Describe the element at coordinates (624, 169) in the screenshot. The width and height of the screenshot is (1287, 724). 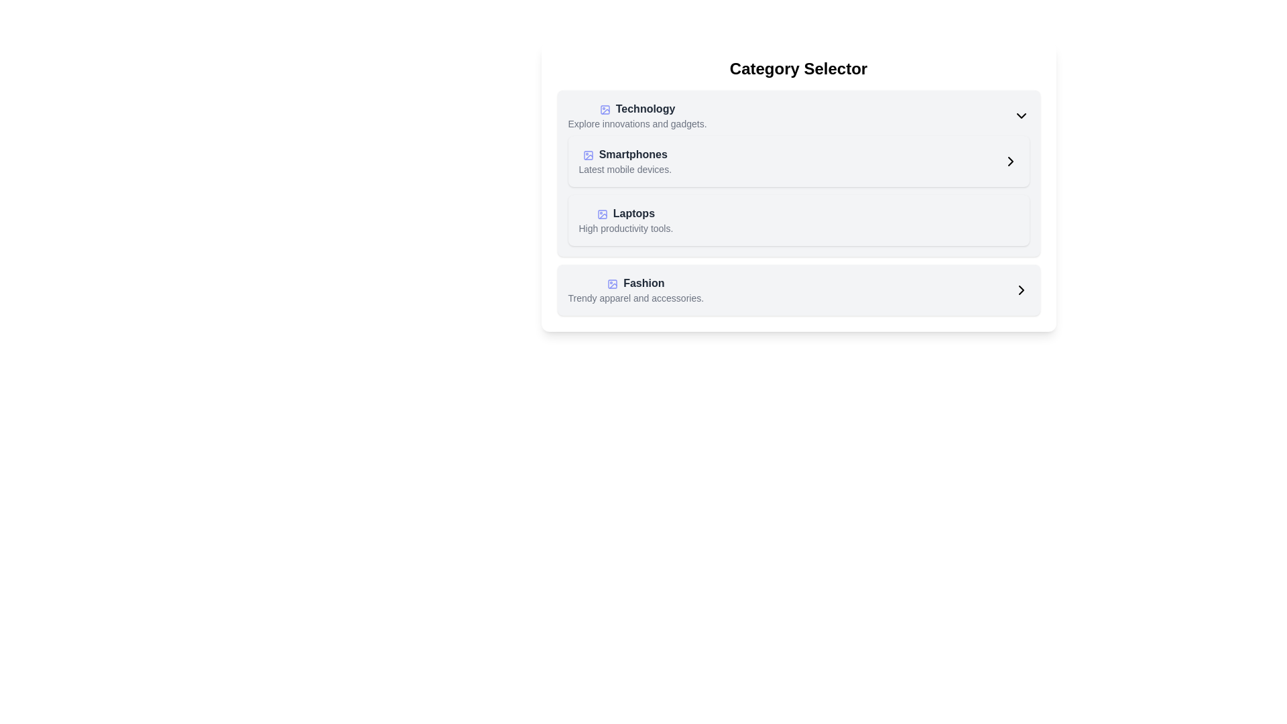
I see `the informational text element located below the 'Smartphones' title in the 'Category Selector'` at that location.